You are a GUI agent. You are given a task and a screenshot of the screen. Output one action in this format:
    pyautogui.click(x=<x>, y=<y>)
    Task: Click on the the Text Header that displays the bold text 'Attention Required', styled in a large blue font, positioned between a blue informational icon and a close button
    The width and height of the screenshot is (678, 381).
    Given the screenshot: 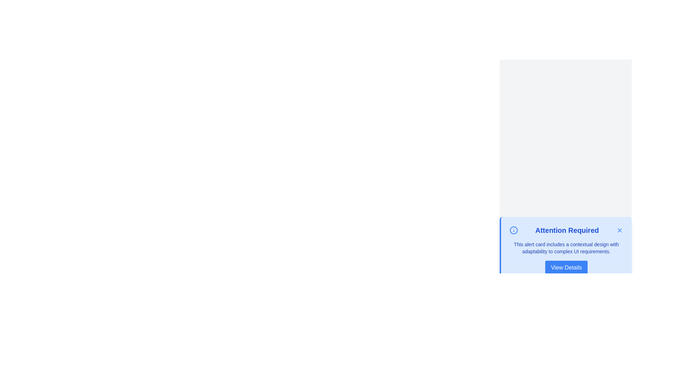 What is the action you would take?
    pyautogui.click(x=567, y=230)
    